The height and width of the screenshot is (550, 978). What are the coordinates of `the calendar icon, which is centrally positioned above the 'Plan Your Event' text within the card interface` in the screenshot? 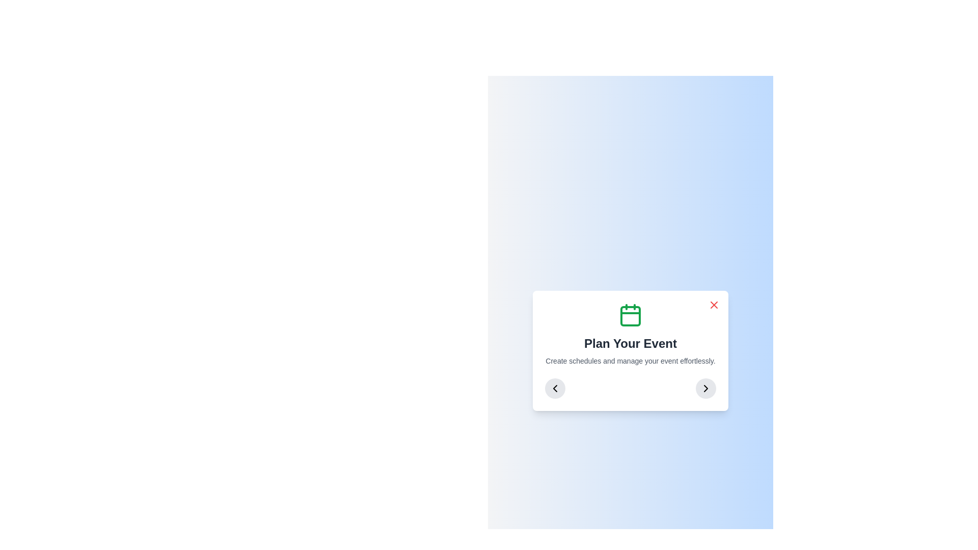 It's located at (630, 314).